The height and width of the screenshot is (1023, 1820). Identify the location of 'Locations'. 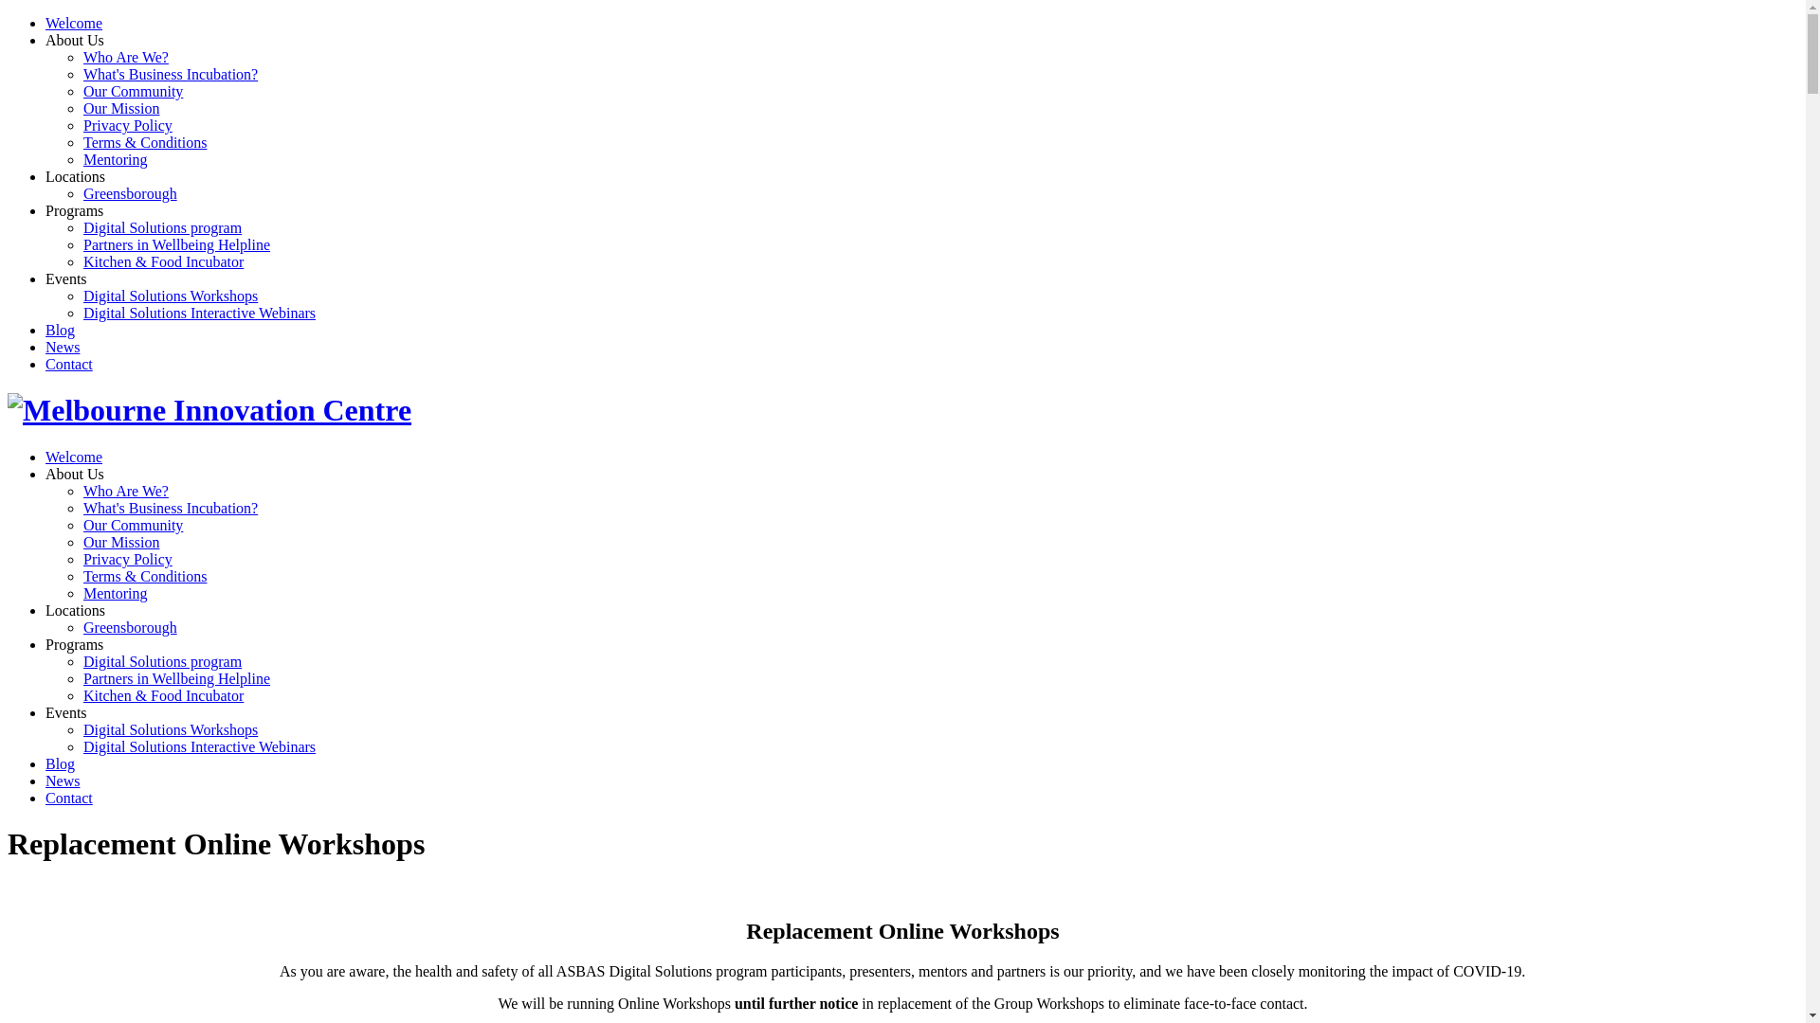
(75, 610).